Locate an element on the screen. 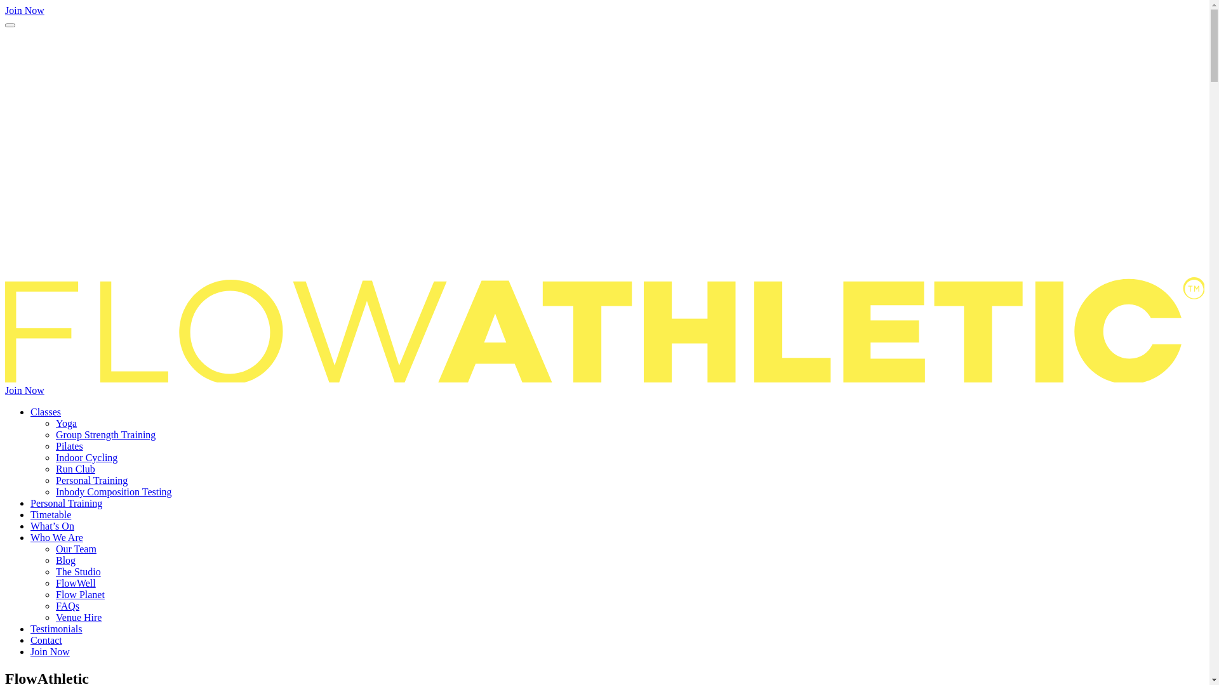  'Testimonials' is located at coordinates (30, 629).